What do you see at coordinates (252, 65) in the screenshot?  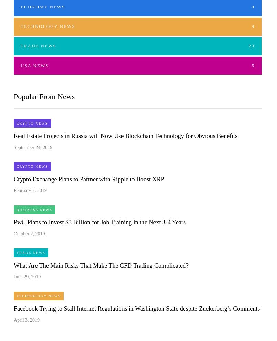 I see `'5'` at bounding box center [252, 65].